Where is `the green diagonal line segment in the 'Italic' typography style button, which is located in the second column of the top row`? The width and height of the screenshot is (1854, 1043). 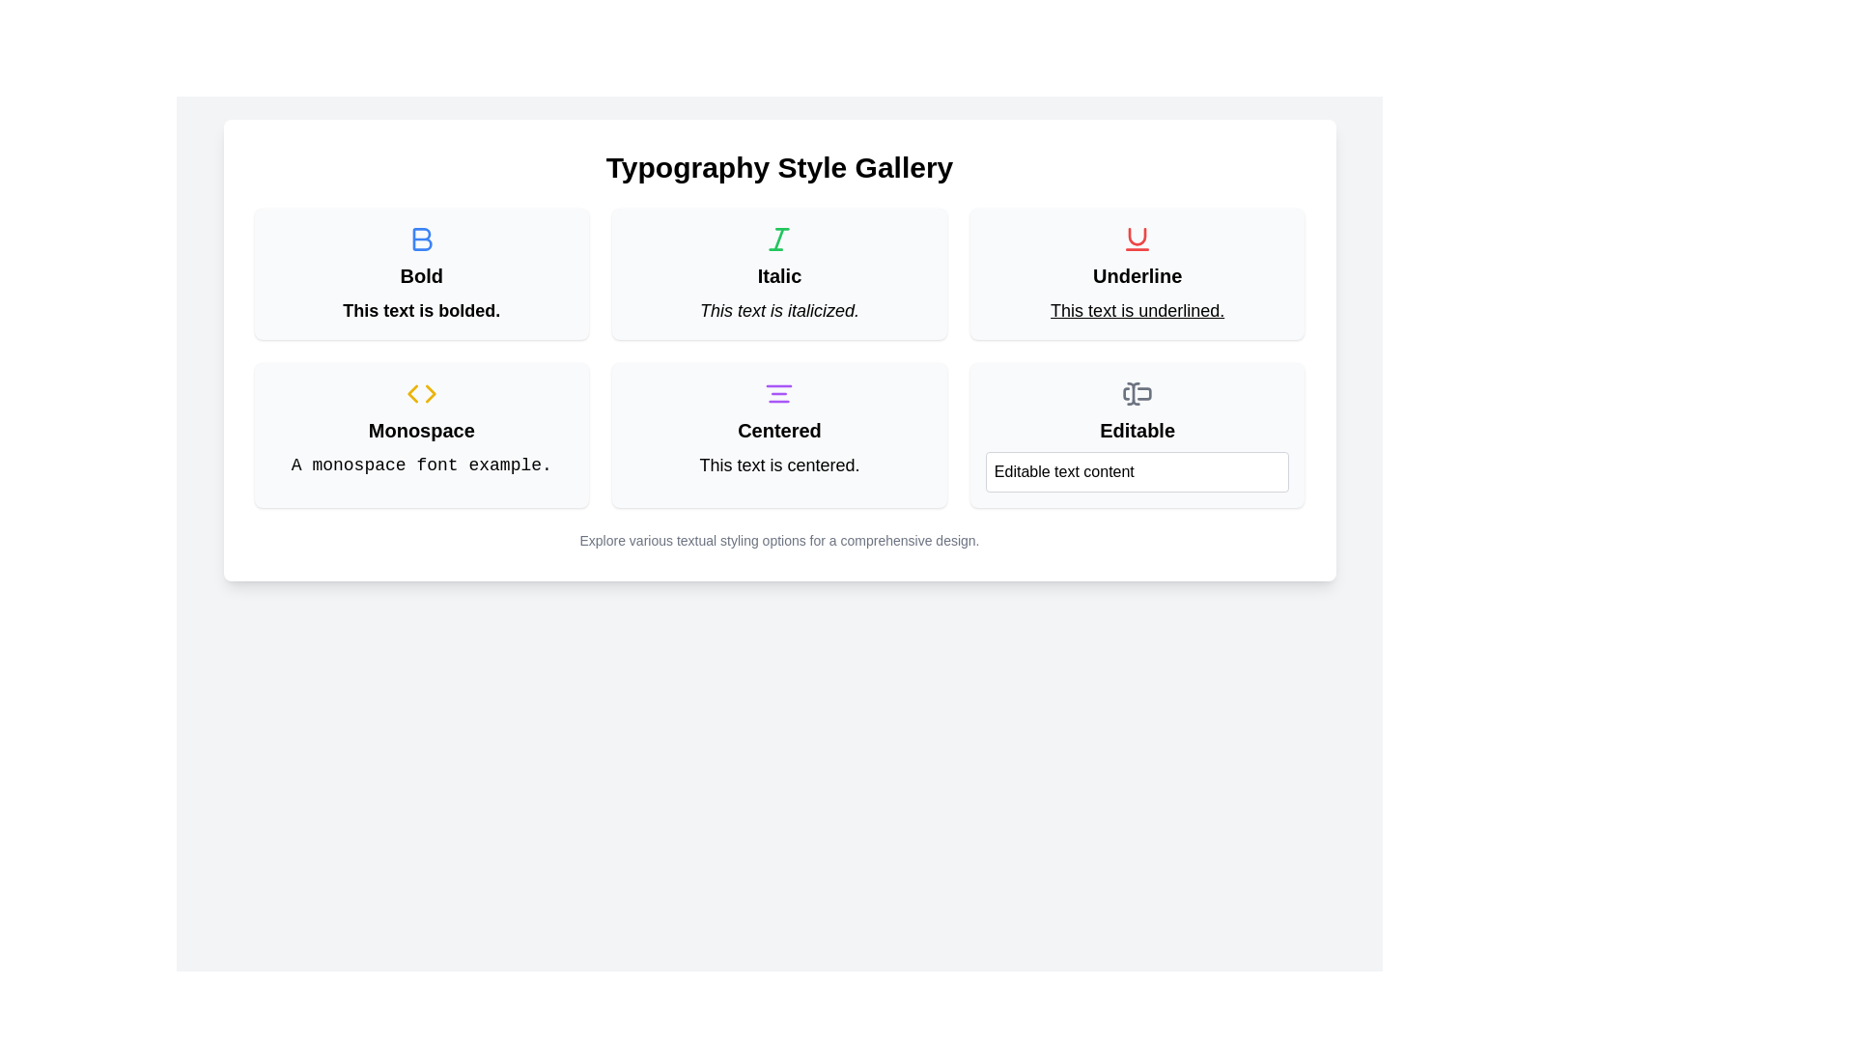 the green diagonal line segment in the 'Italic' typography style button, which is located in the second column of the top row is located at coordinates (779, 238).